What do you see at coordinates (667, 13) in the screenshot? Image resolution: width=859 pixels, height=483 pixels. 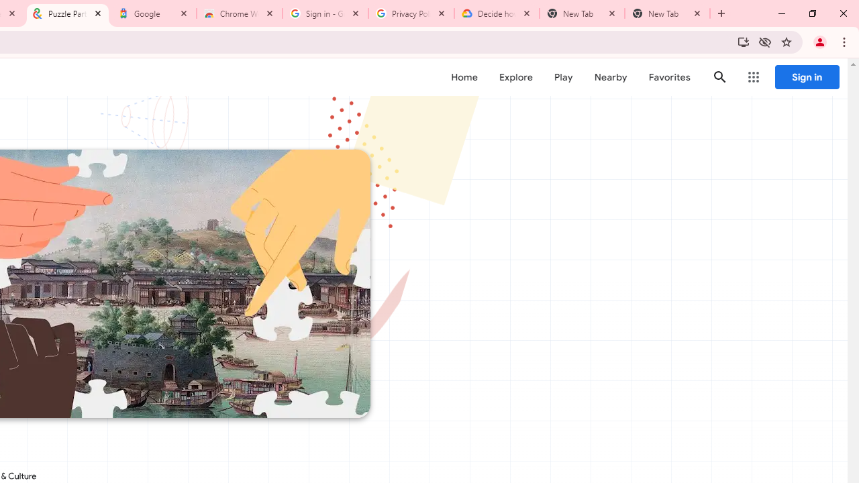 I see `'New Tab'` at bounding box center [667, 13].